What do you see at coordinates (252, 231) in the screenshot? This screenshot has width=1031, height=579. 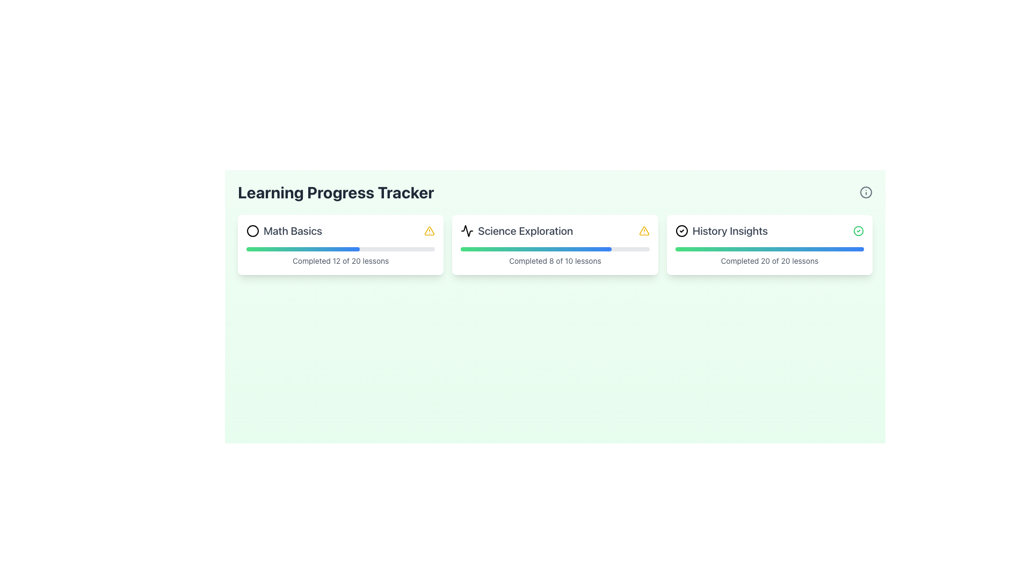 I see `the circular icon with a hollow center and dark outline located to the left of the 'Math Basics' text in the first card of the three-card layout` at bounding box center [252, 231].